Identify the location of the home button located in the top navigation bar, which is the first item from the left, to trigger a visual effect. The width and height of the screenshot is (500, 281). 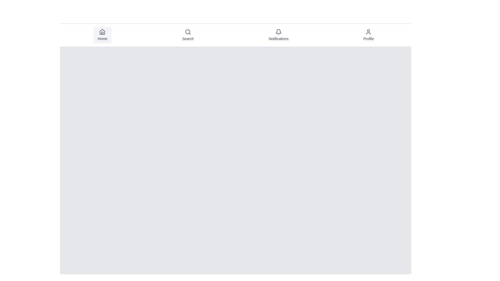
(102, 35).